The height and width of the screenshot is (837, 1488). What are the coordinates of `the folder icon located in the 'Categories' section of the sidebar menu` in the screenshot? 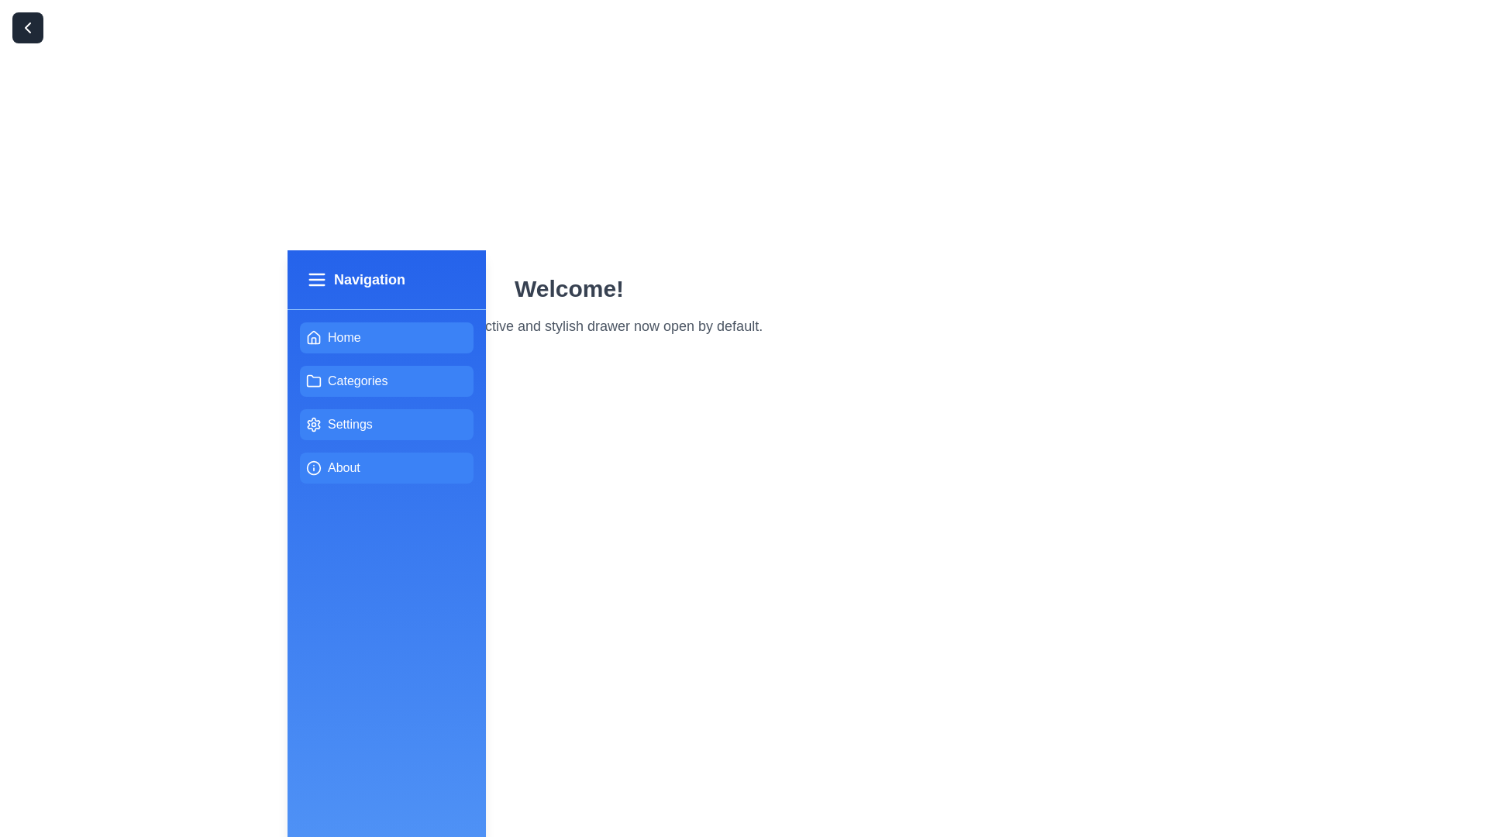 It's located at (312, 380).